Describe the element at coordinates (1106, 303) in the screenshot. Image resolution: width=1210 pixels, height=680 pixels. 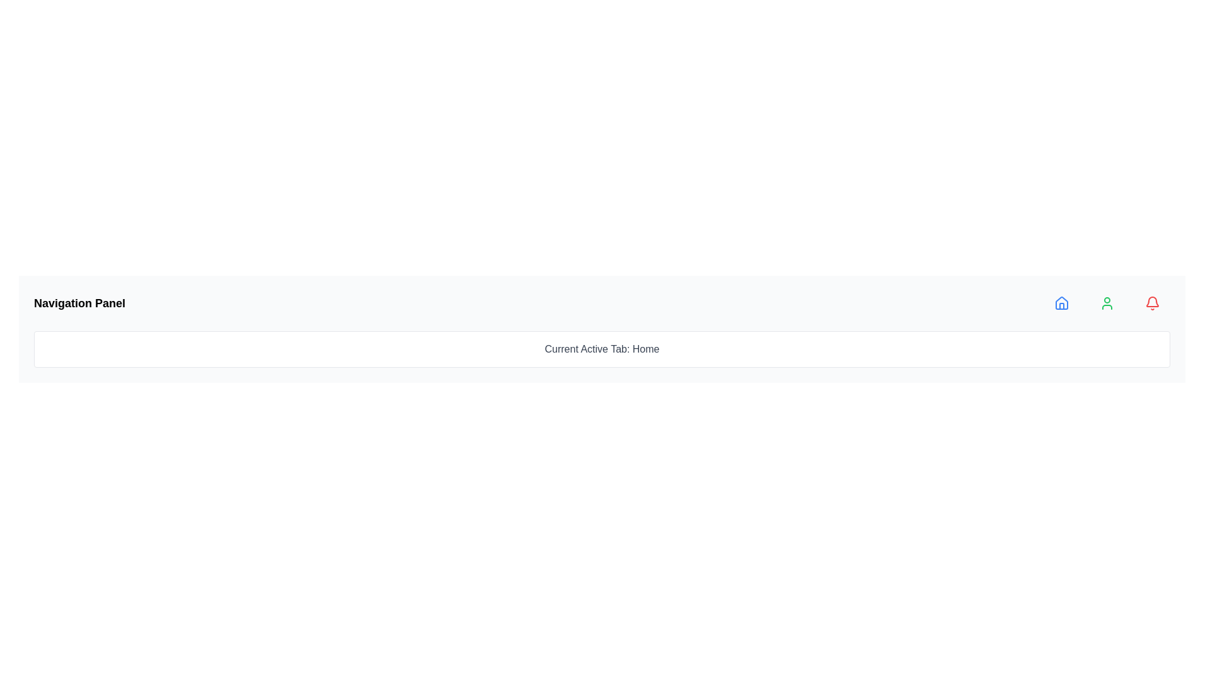
I see `the user profile SVG icon located in the navigation panel, which is the second icon from the right` at that location.